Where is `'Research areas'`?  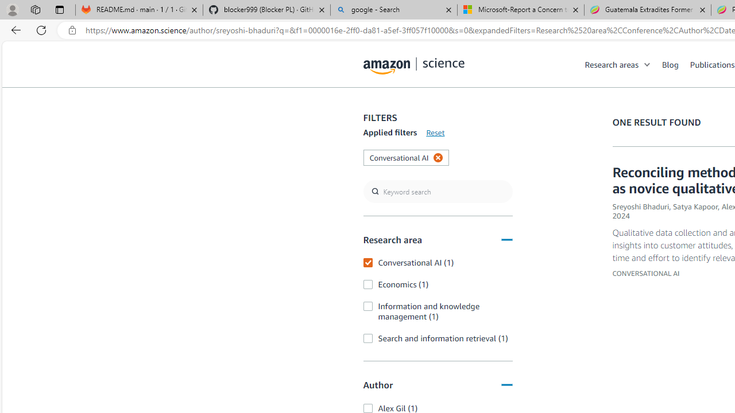 'Research areas' is located at coordinates (611, 64).